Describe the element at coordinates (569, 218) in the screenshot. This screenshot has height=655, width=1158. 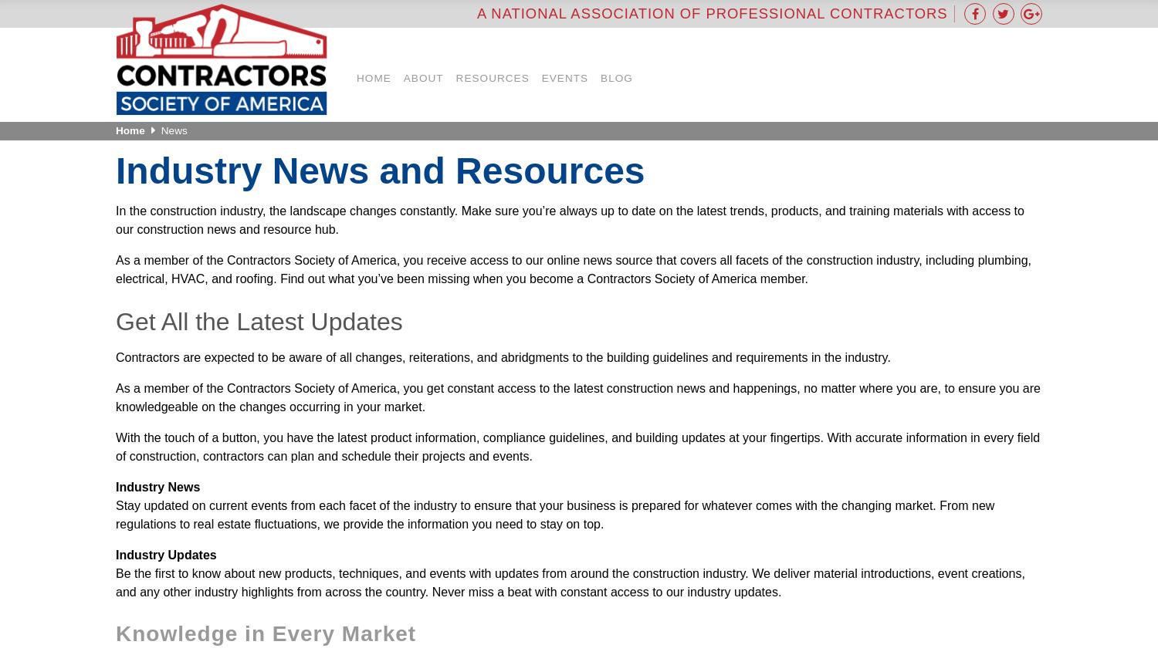
I see `'In the construction industry, the landscape changes constantly. Make sure you’re always up to date on the latest trends, products, and training materials with access to our construction news and resource hub.'` at that location.